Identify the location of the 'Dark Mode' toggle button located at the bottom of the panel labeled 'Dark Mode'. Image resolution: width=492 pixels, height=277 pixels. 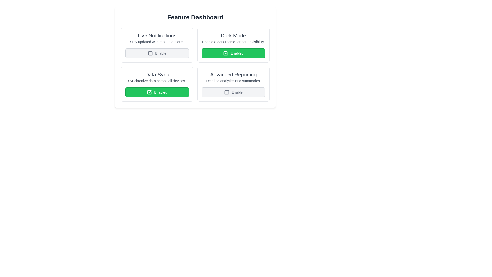
(233, 53).